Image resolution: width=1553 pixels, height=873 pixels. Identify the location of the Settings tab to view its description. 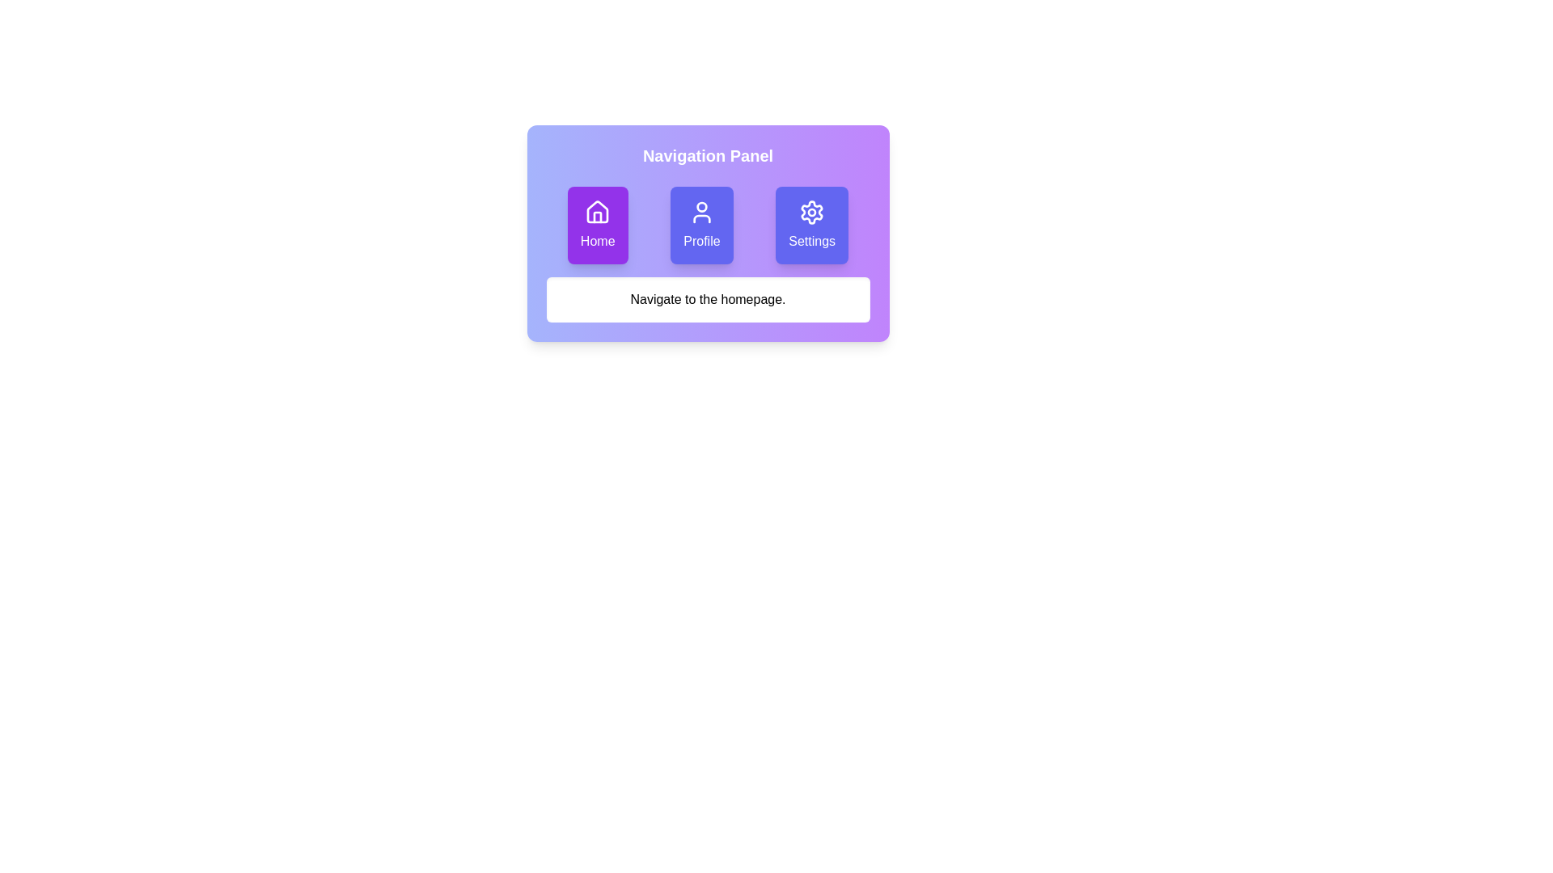
(812, 225).